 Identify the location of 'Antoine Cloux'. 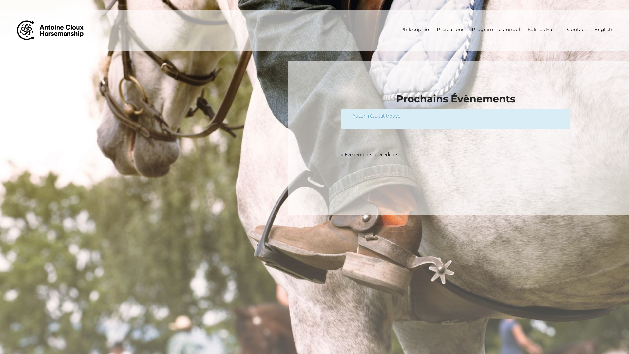
(52, 30).